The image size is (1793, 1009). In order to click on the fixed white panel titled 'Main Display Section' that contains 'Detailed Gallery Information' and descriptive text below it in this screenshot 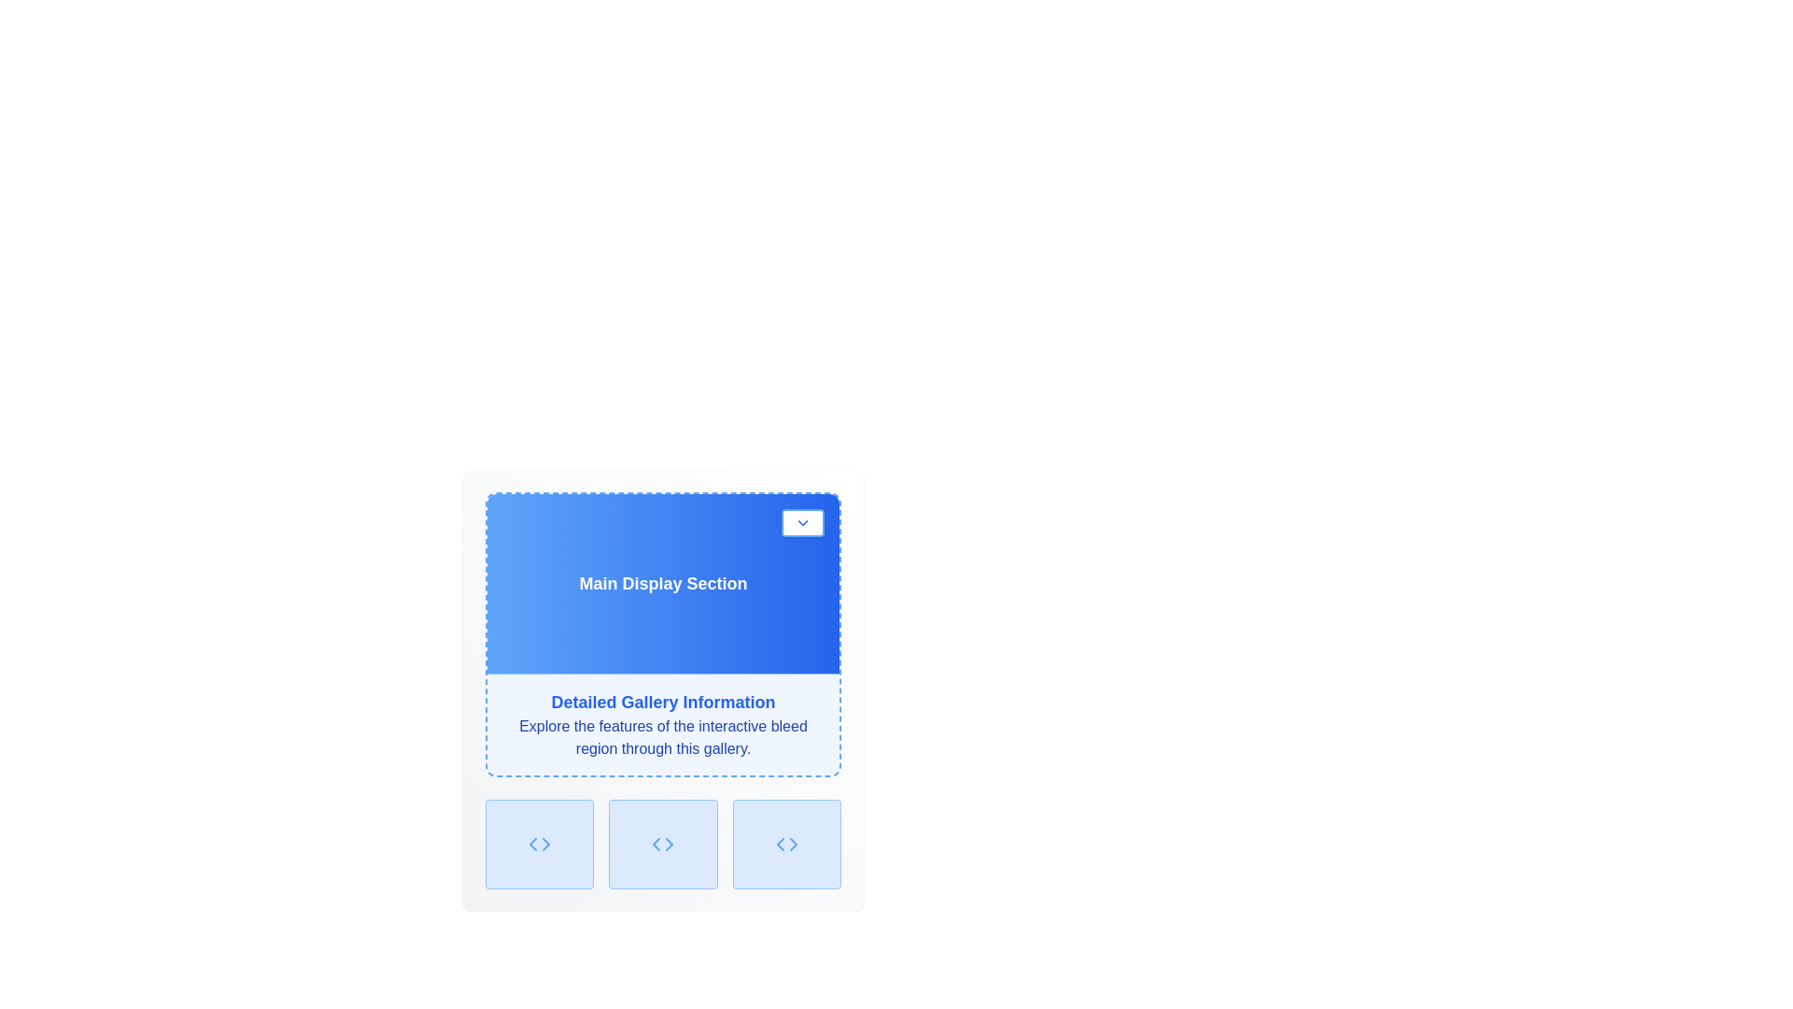, I will do `click(663, 679)`.